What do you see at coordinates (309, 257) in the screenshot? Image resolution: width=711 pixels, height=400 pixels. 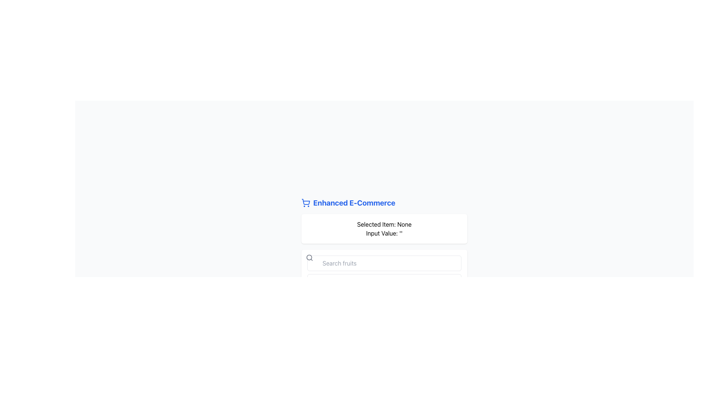 I see `the search input field by clicking on the search icon` at bounding box center [309, 257].